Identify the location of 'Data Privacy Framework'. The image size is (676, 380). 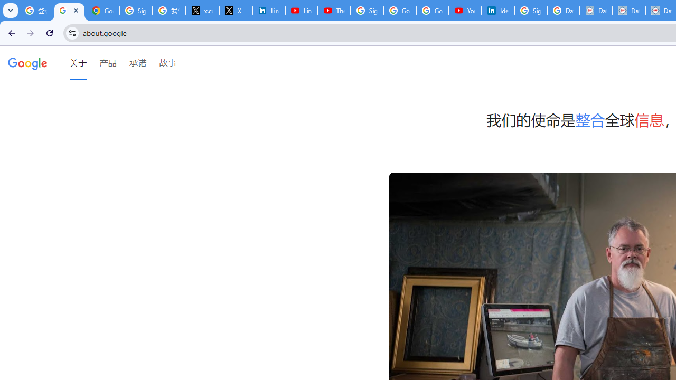
(596, 11).